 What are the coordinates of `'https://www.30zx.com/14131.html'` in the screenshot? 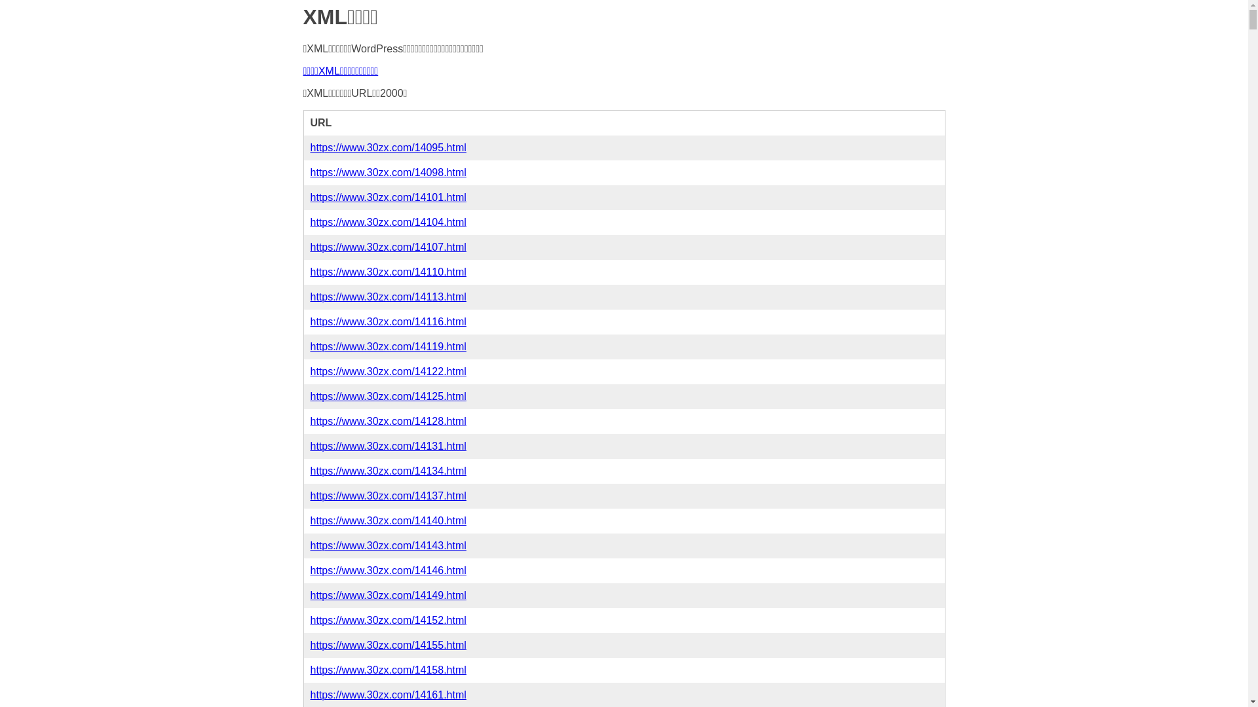 It's located at (388, 445).